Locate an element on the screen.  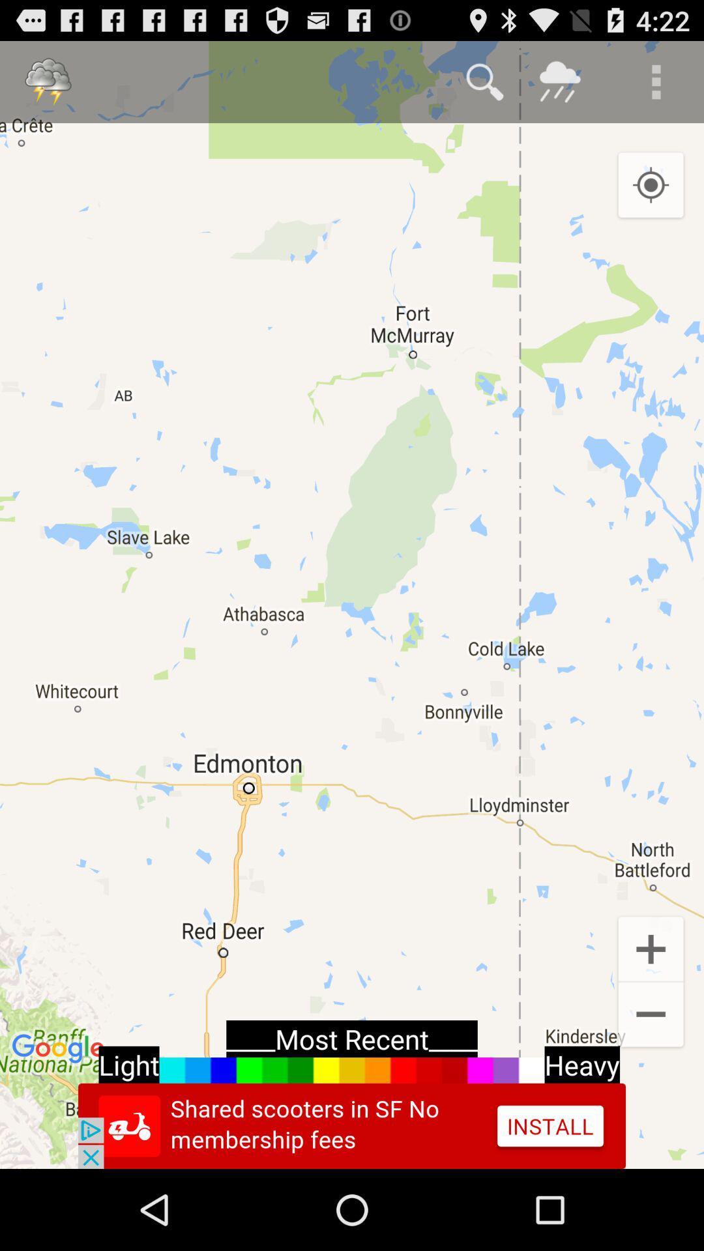
the location_crosshair icon is located at coordinates (651, 198).